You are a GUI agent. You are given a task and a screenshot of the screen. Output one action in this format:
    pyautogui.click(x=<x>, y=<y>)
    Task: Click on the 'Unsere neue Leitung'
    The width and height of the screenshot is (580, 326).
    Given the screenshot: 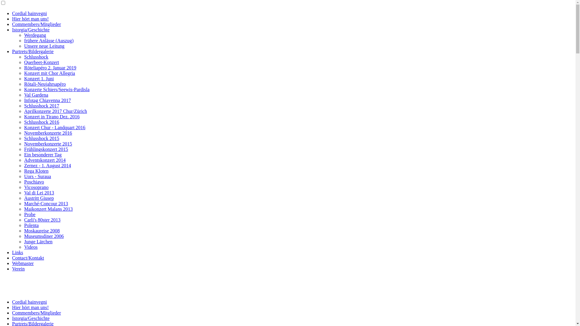 What is the action you would take?
    pyautogui.click(x=44, y=46)
    